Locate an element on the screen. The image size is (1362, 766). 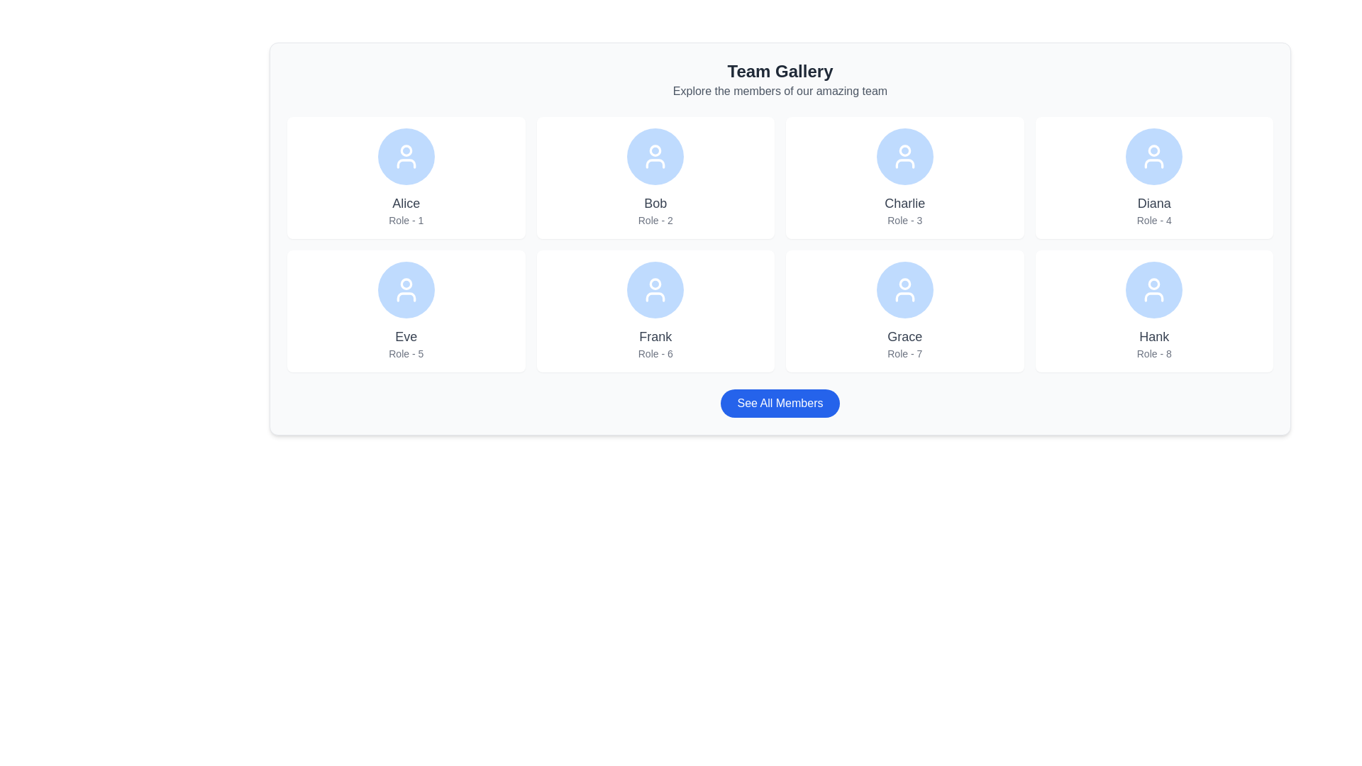
the small circular element located at the top center of the user icon representing 'Bob' in the gallery of individuals is located at coordinates (655, 150).